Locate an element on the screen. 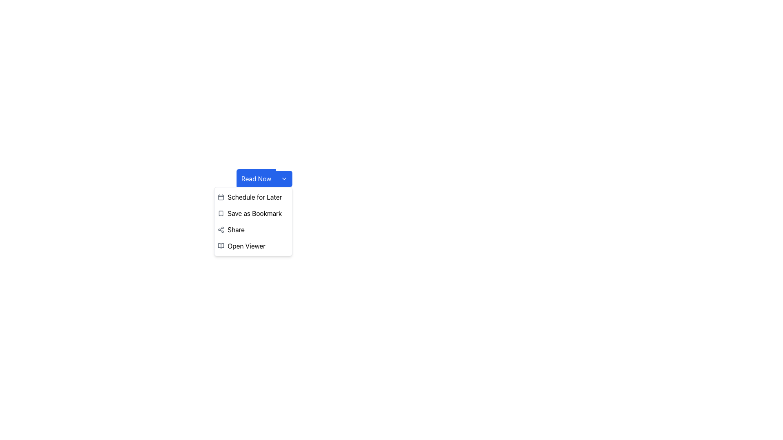 This screenshot has height=440, width=783. the Dropdown Trigger Button at the top of the dropdown menu is located at coordinates (264, 178).